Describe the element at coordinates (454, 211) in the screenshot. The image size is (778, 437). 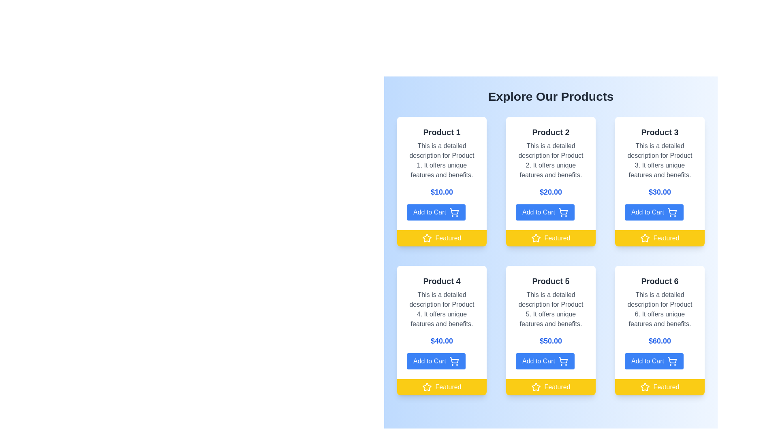
I see `the cart icon within the 'Add to Cart' button for 'Product 1', which is represented as a simplistic vector graphic with a thin stroke` at that location.